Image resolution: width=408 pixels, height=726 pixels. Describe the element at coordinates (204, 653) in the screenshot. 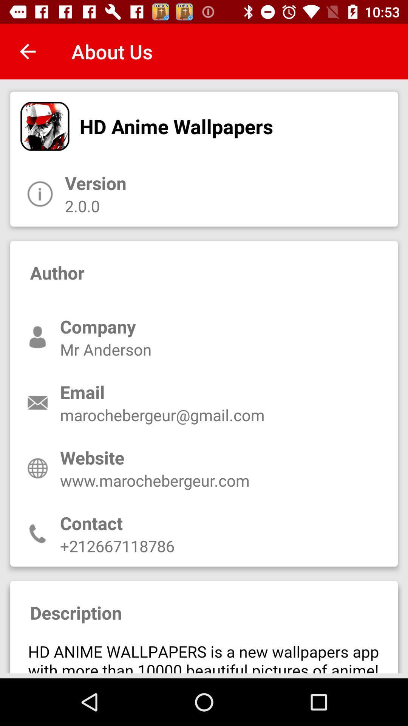

I see `description` at that location.